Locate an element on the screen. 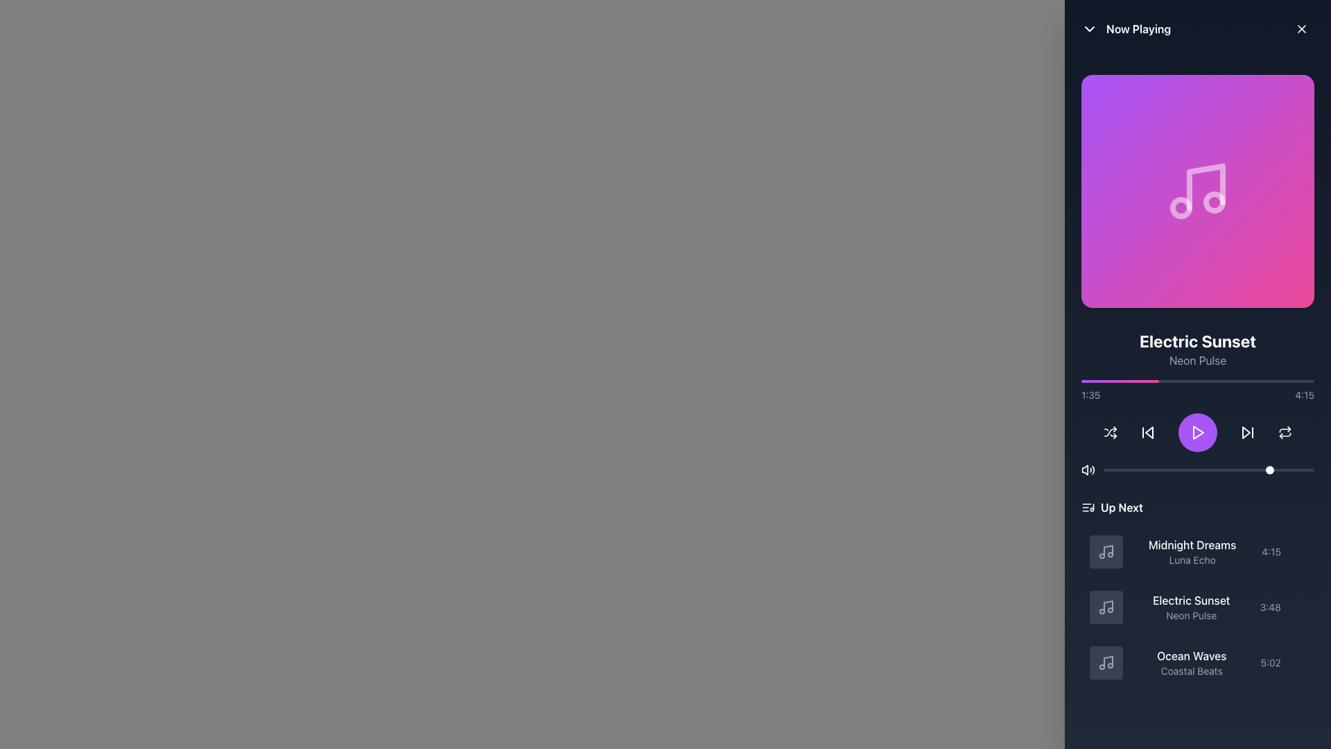 This screenshot has height=749, width=1331. the thumbnail icon for the music track 'Electric Sunset', located at the leftmost position in the second row of the 'Up Next' section is located at coordinates (1106, 606).